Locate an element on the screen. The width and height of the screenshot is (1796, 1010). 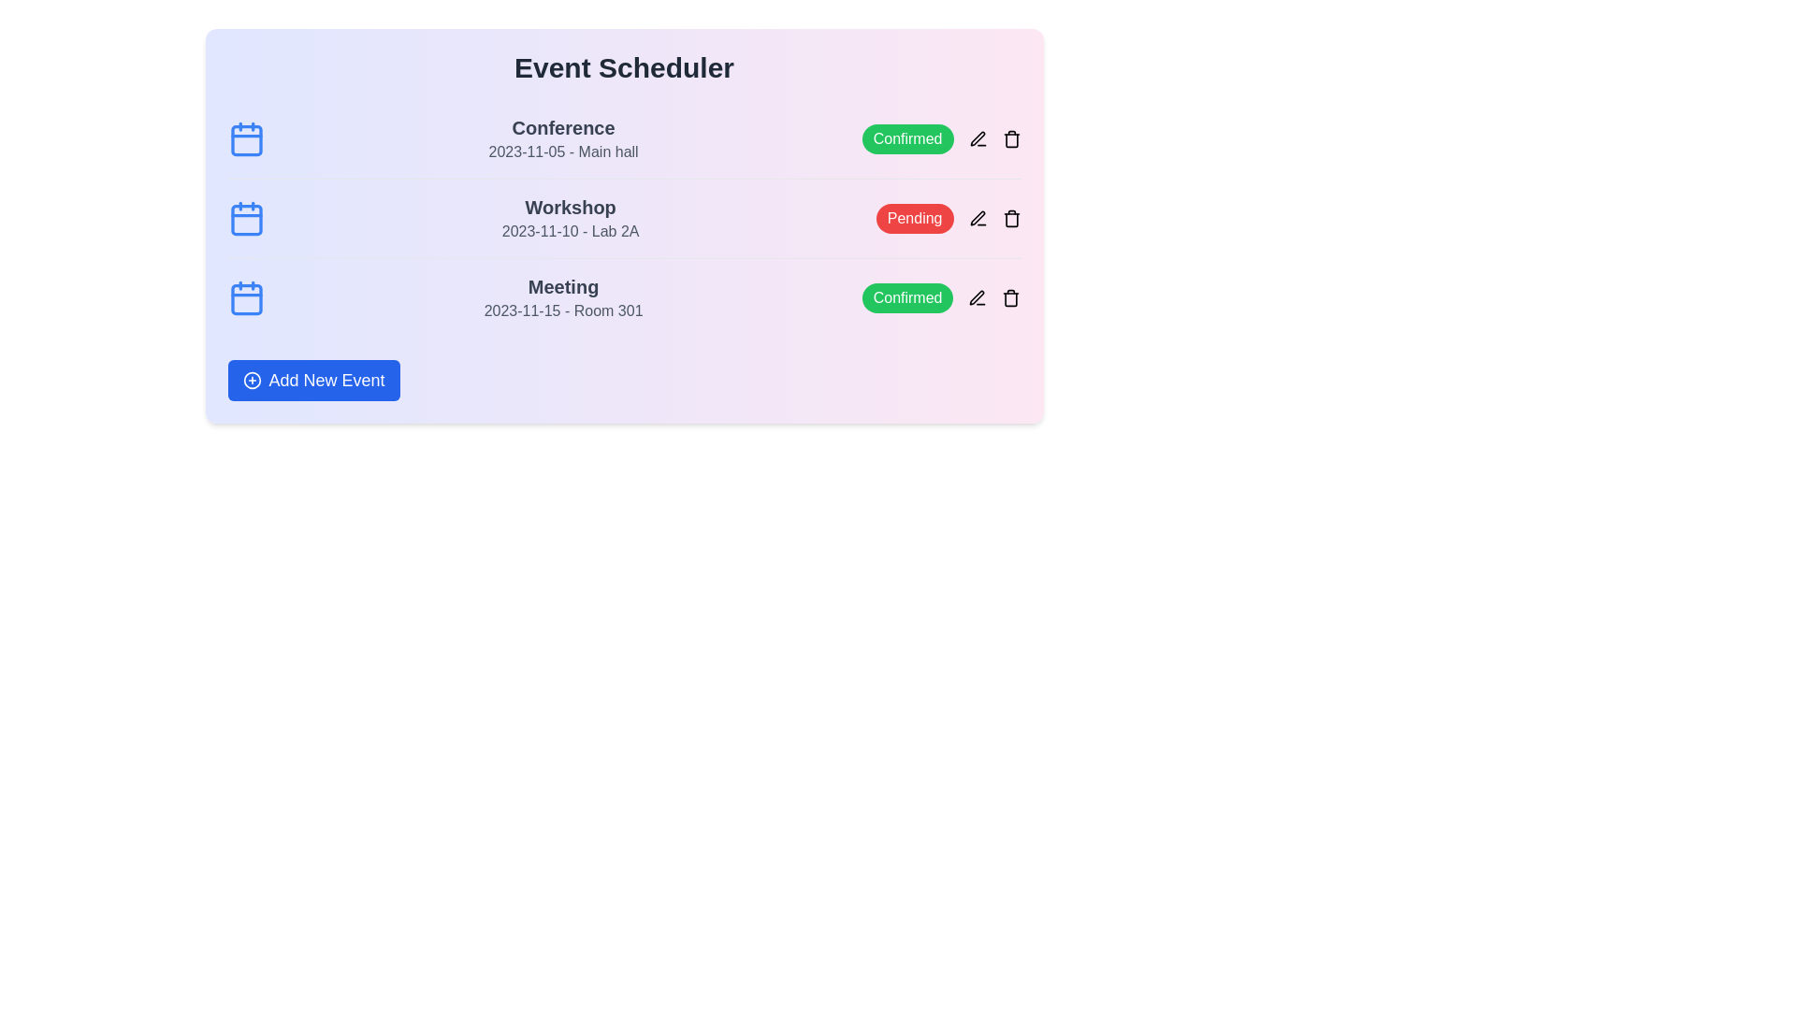
the event title and details label located at the top of the 'Event Scheduler' section, which is flanked by a calendar icon on the left and a 'Confirmed' status indicator on the right is located at coordinates (562, 138).